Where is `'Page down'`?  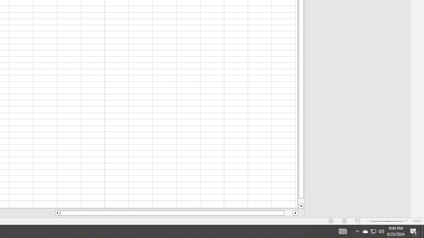 'Page down' is located at coordinates (301, 201).